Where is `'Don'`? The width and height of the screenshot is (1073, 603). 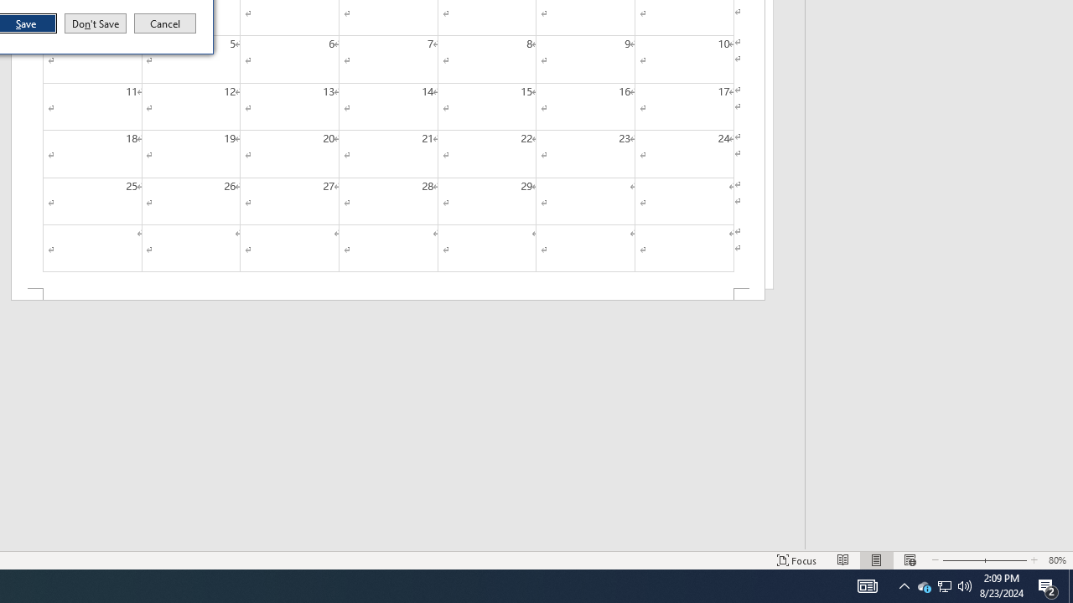 'Don' is located at coordinates (94, 23).